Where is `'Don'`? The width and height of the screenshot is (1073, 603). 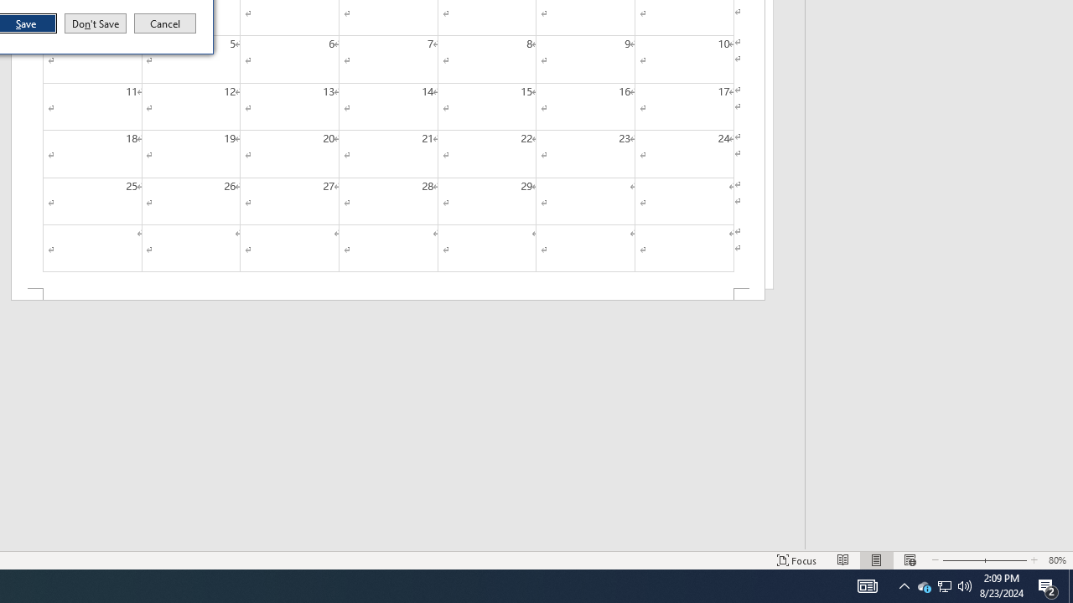 'Don' is located at coordinates (94, 23).